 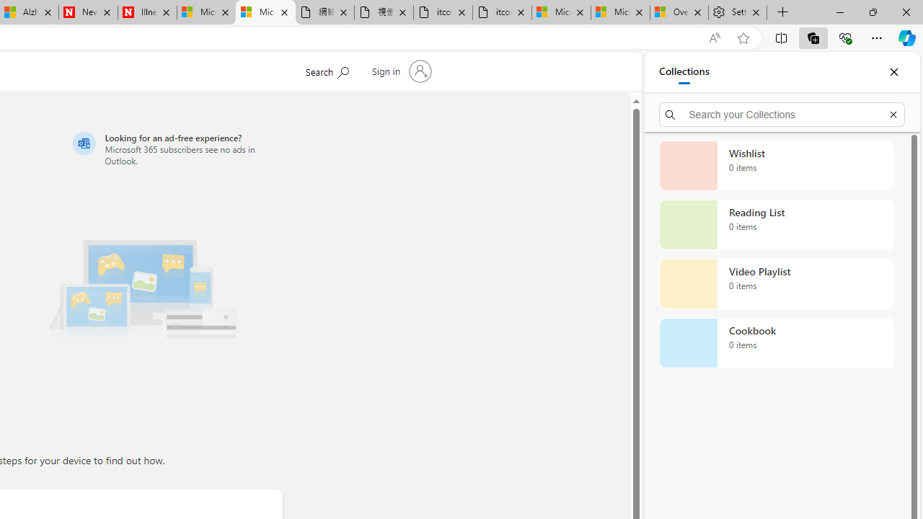 I want to click on 'Reading List collection, 0 items', so click(x=776, y=225).